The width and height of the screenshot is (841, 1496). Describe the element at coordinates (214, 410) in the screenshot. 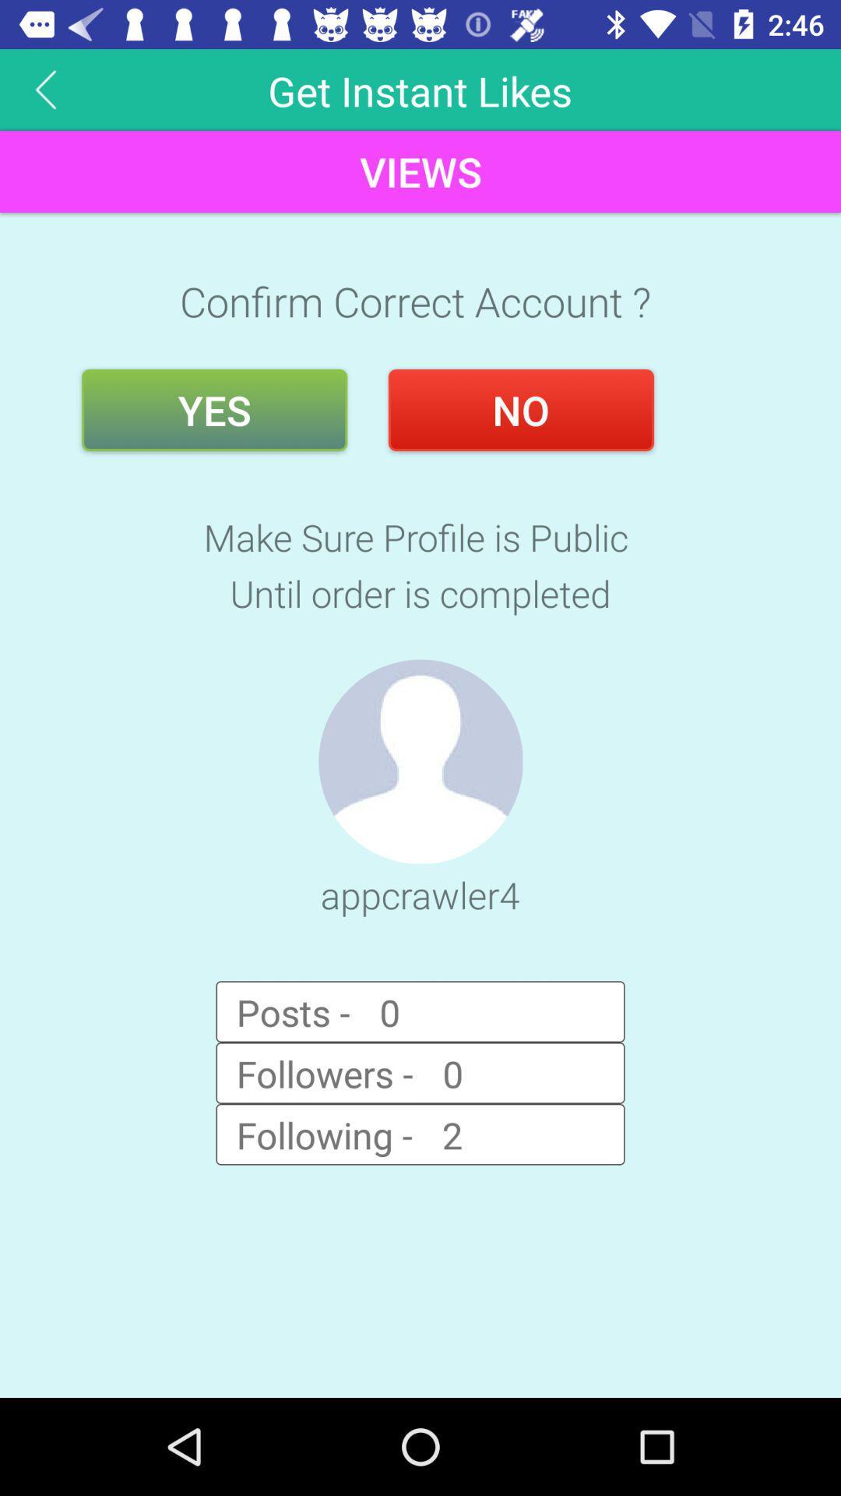

I see `the item below confirm correct account ?  item` at that location.